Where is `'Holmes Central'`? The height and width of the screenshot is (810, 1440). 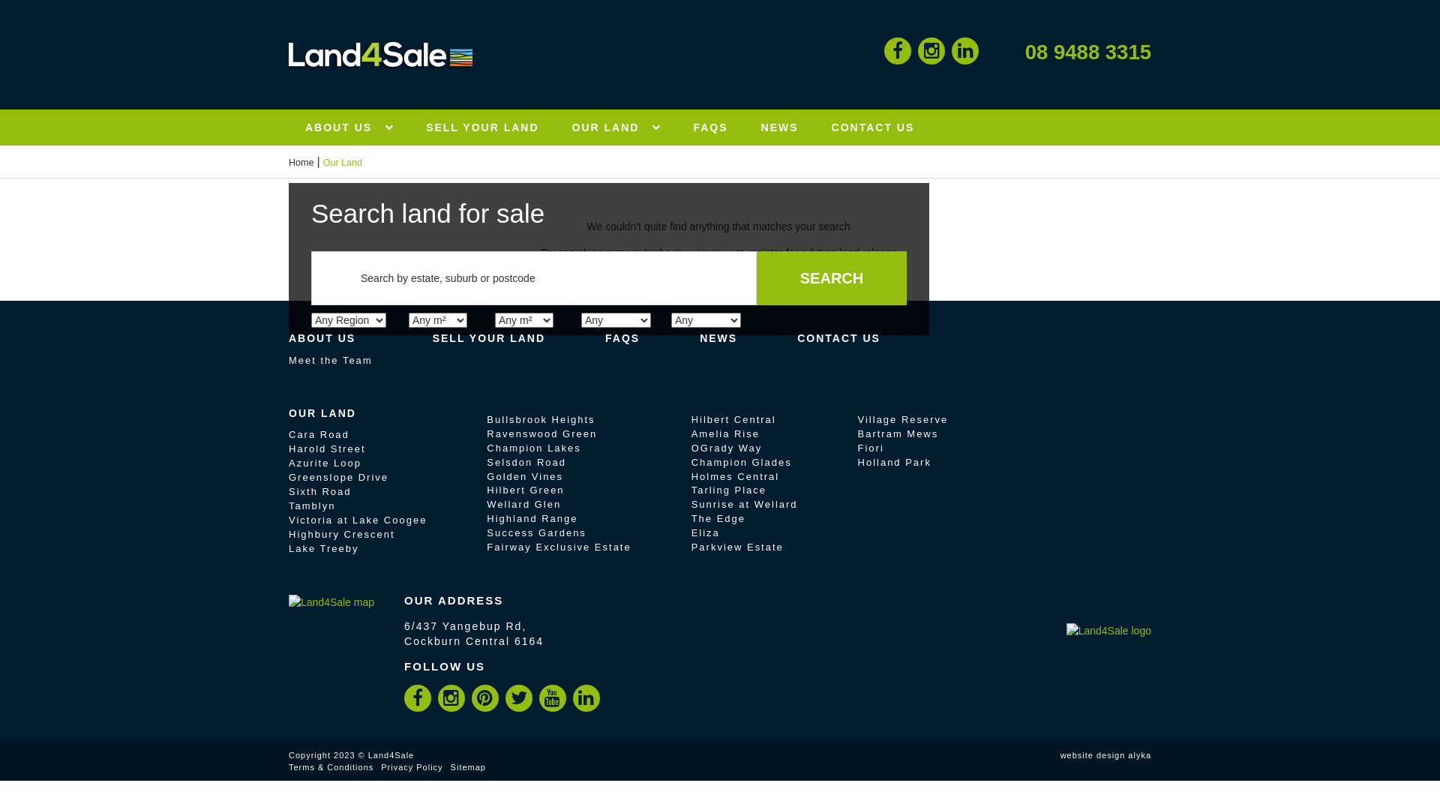 'Holmes Central' is located at coordinates (735, 476).